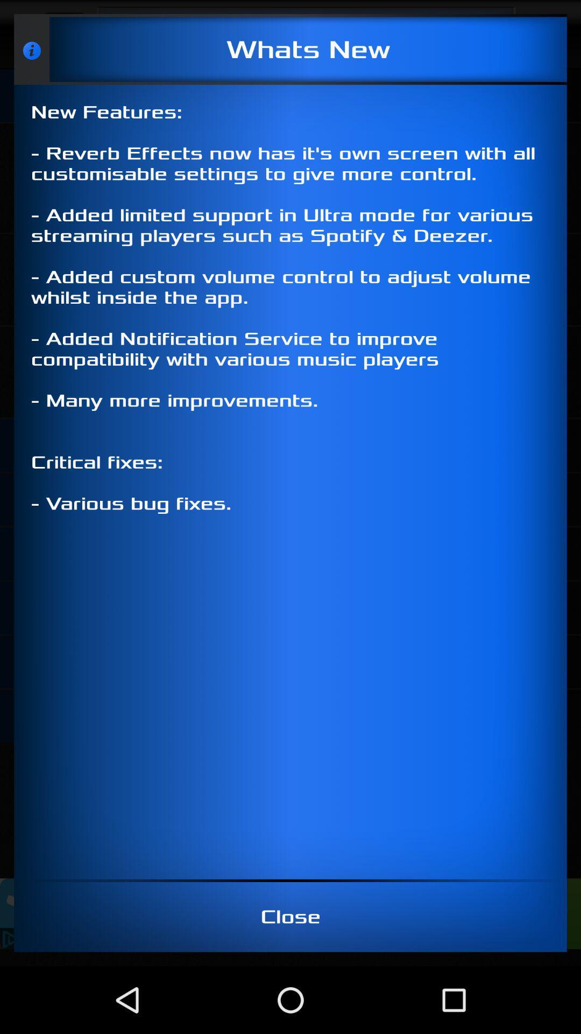  I want to click on new features reverb icon, so click(290, 481).